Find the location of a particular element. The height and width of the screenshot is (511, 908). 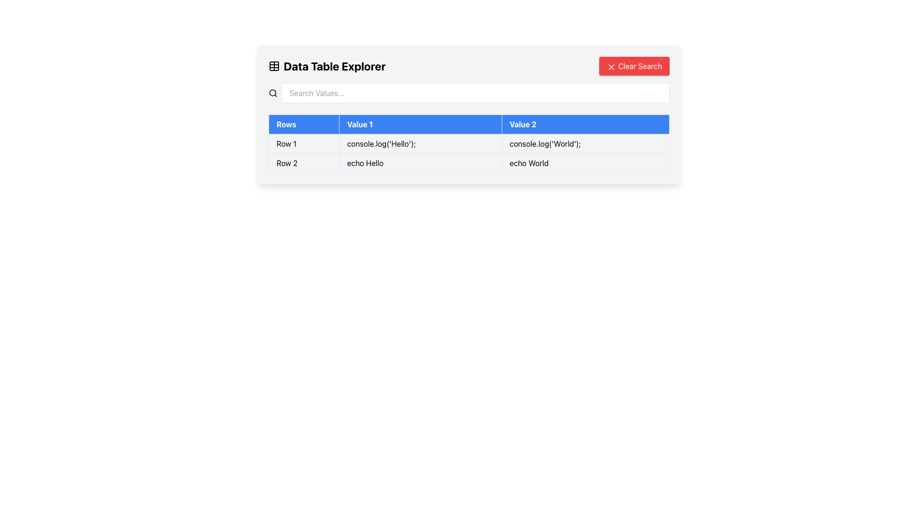

the graphical icon shaped like a table grid, located to the left of the 'Data Table Explorer' text in the top section of the interface is located at coordinates (274, 65).